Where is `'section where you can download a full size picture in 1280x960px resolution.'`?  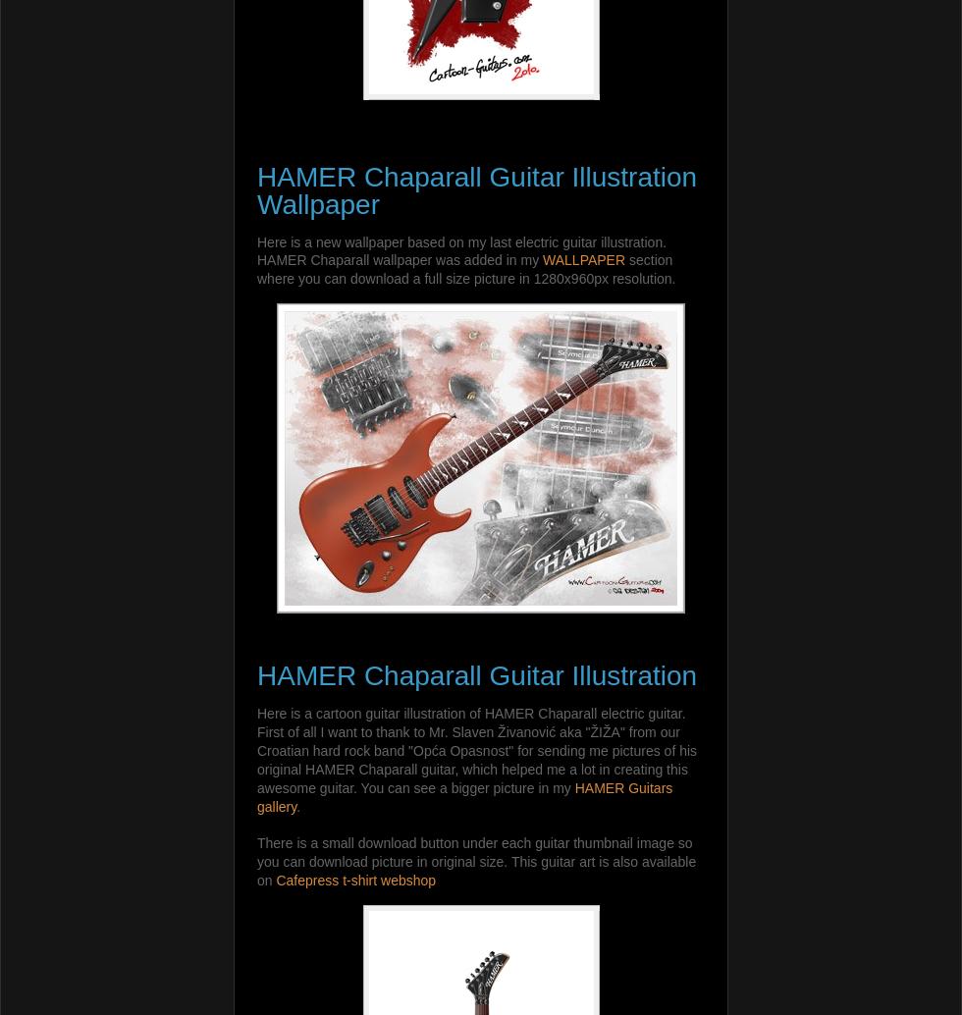
'section where you can download a full size picture in 1280x960px resolution.' is located at coordinates (256, 268).